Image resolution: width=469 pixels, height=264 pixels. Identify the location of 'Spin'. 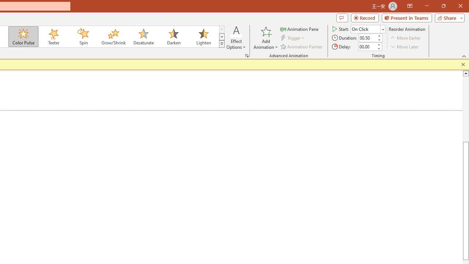
(83, 37).